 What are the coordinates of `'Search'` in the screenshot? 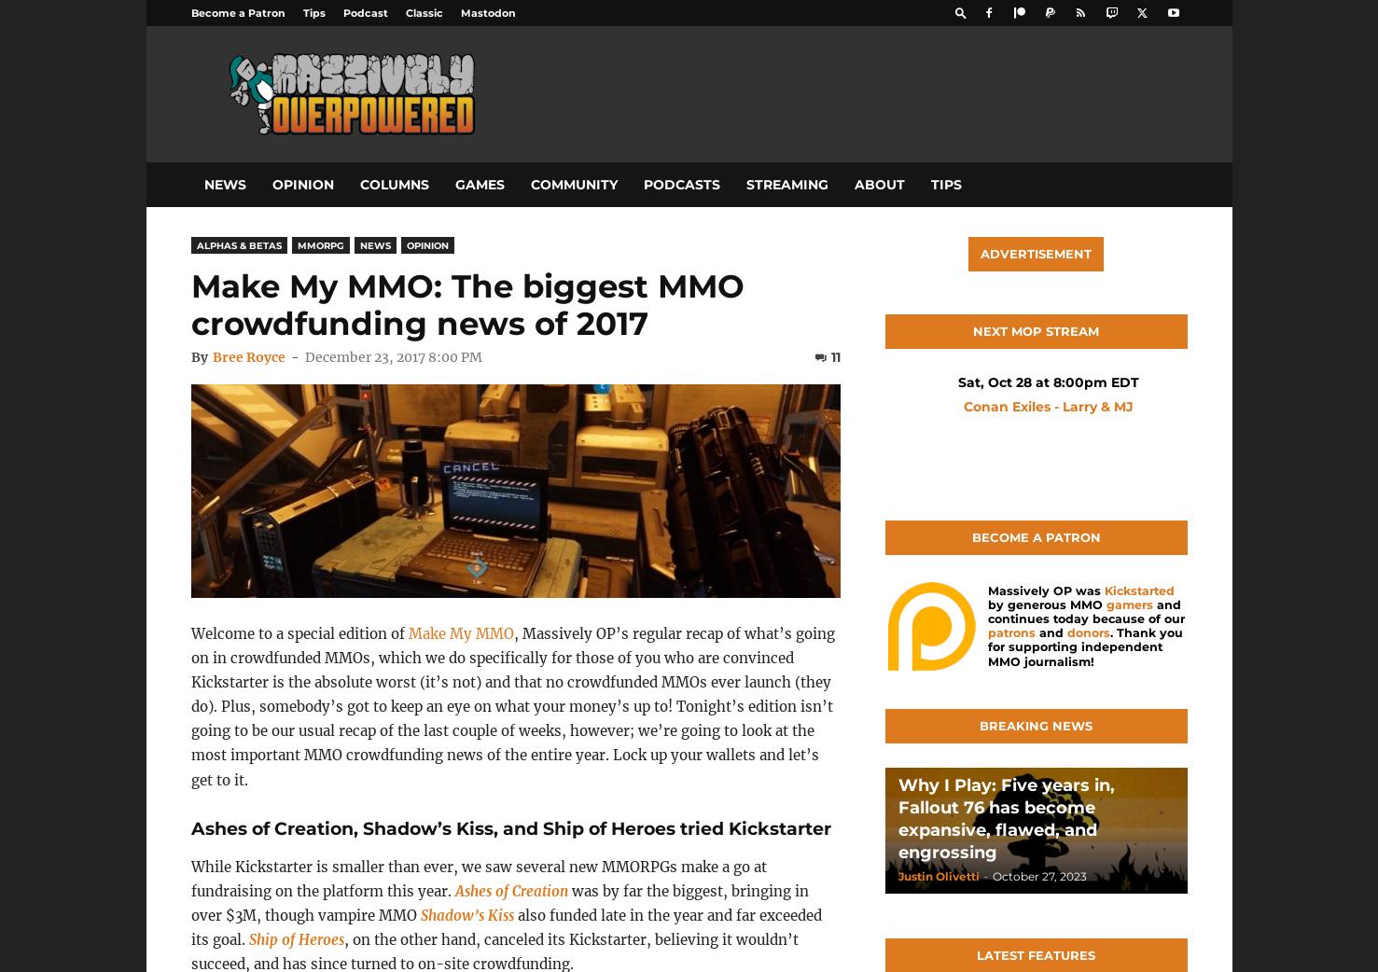 It's located at (689, 93).